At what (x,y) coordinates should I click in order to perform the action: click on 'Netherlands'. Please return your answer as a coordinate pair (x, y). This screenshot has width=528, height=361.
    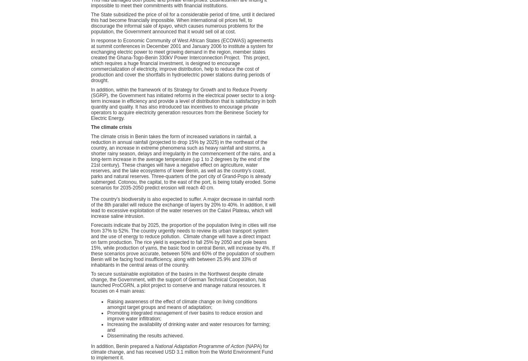
    Looking at the image, I should click on (364, 45).